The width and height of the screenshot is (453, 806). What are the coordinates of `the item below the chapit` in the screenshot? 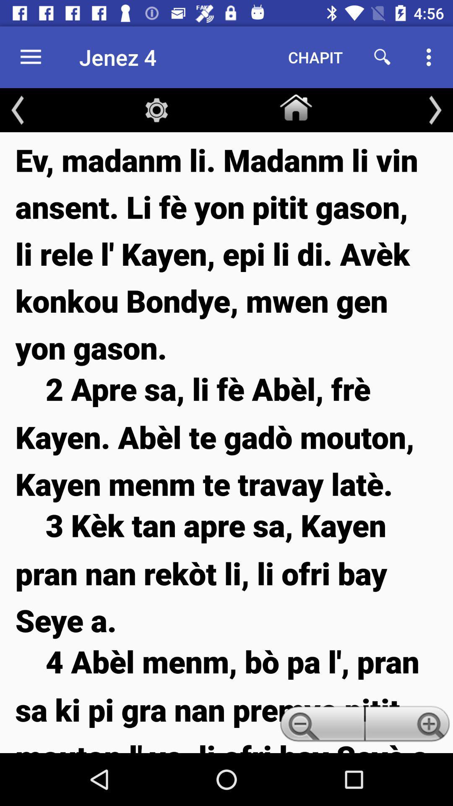 It's located at (295, 105).